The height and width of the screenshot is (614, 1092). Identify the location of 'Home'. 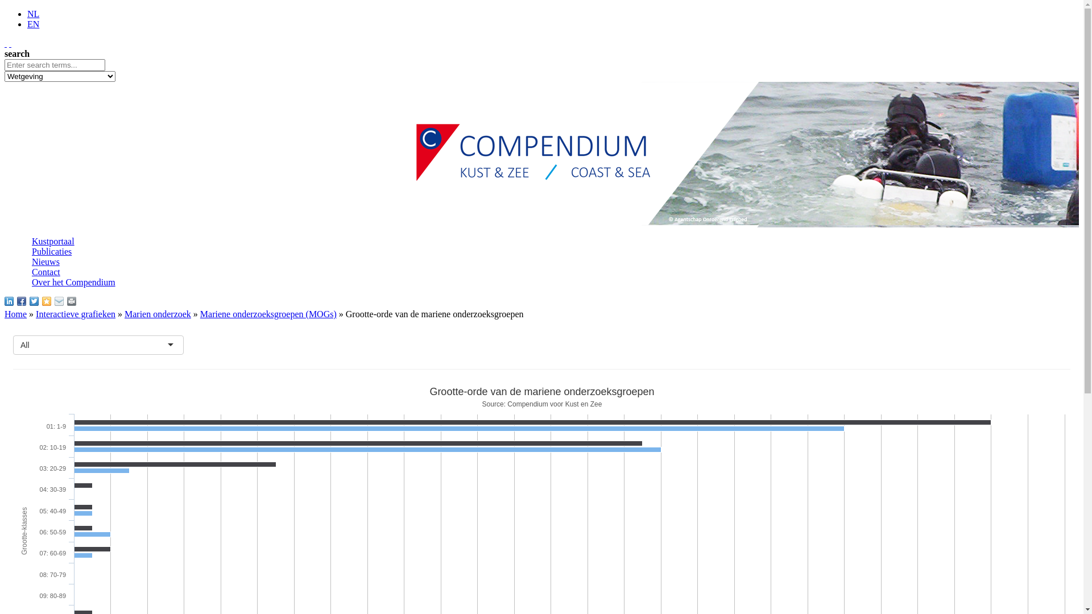
(15, 314).